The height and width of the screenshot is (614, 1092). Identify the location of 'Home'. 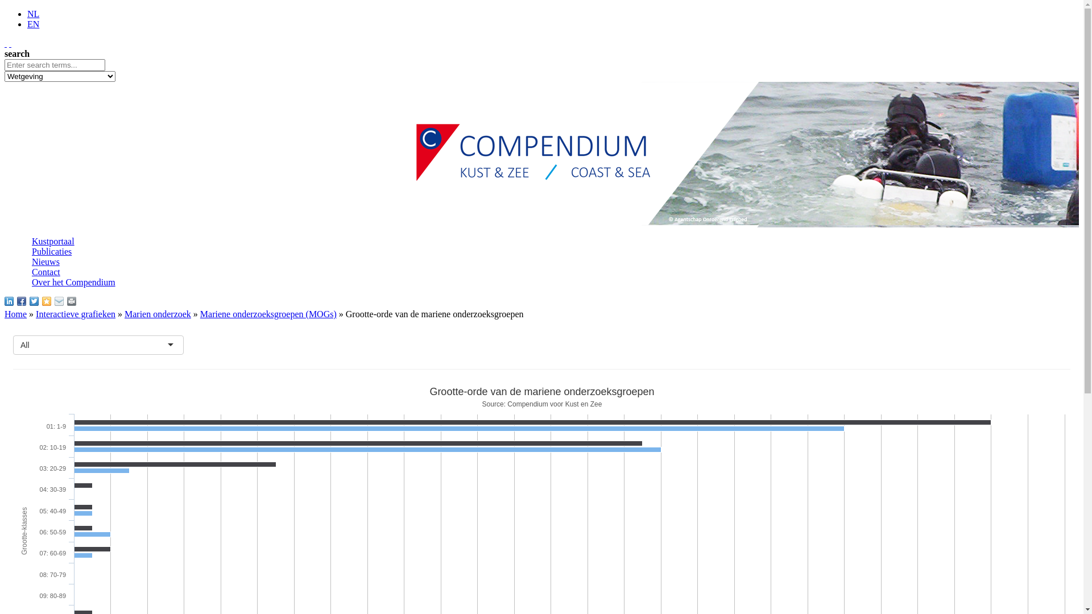
(15, 314).